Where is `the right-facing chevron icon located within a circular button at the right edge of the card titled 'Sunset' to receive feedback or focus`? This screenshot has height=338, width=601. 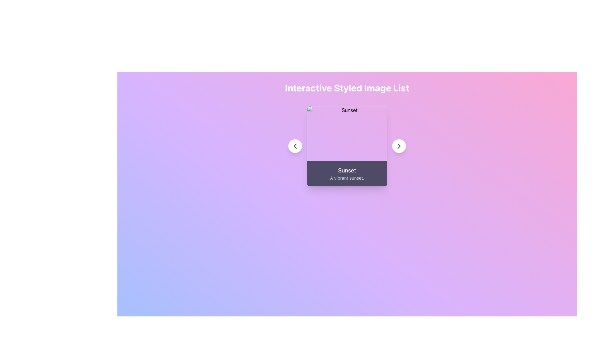 the right-facing chevron icon located within a circular button at the right edge of the card titled 'Sunset' to receive feedback or focus is located at coordinates (399, 146).